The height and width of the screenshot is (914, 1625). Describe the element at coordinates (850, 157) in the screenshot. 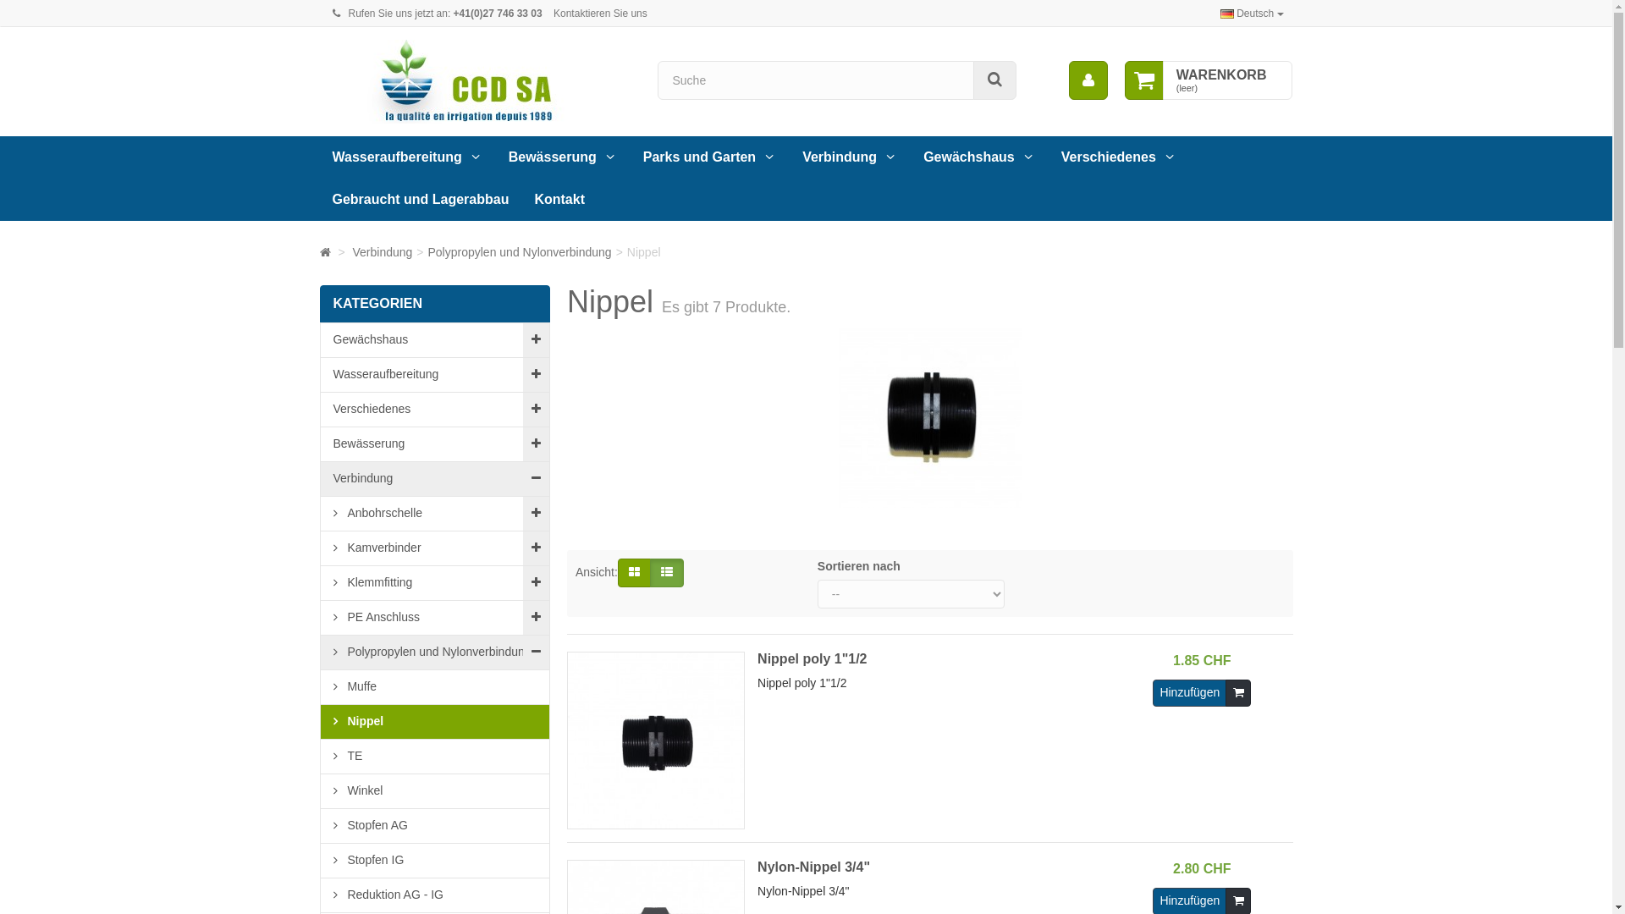

I see `'Verbindung'` at that location.